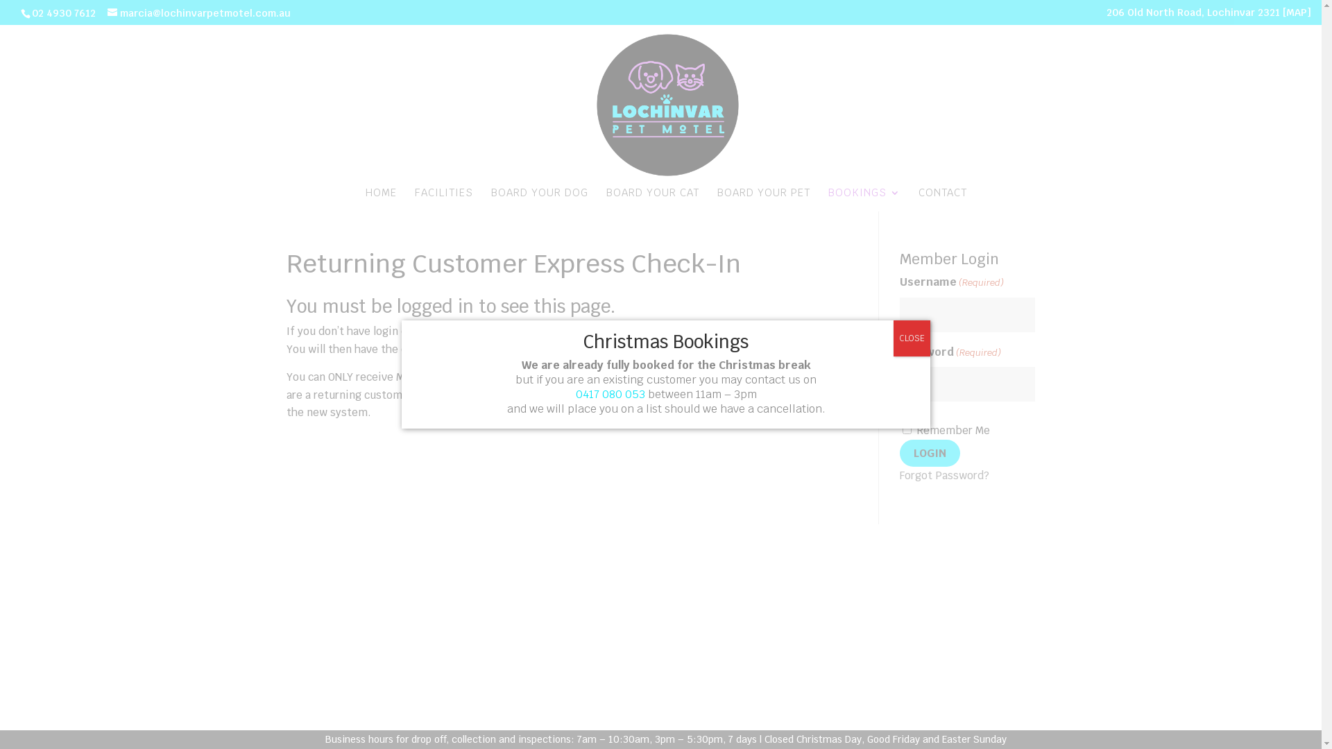  What do you see at coordinates (443, 200) in the screenshot?
I see `'FACILITIES'` at bounding box center [443, 200].